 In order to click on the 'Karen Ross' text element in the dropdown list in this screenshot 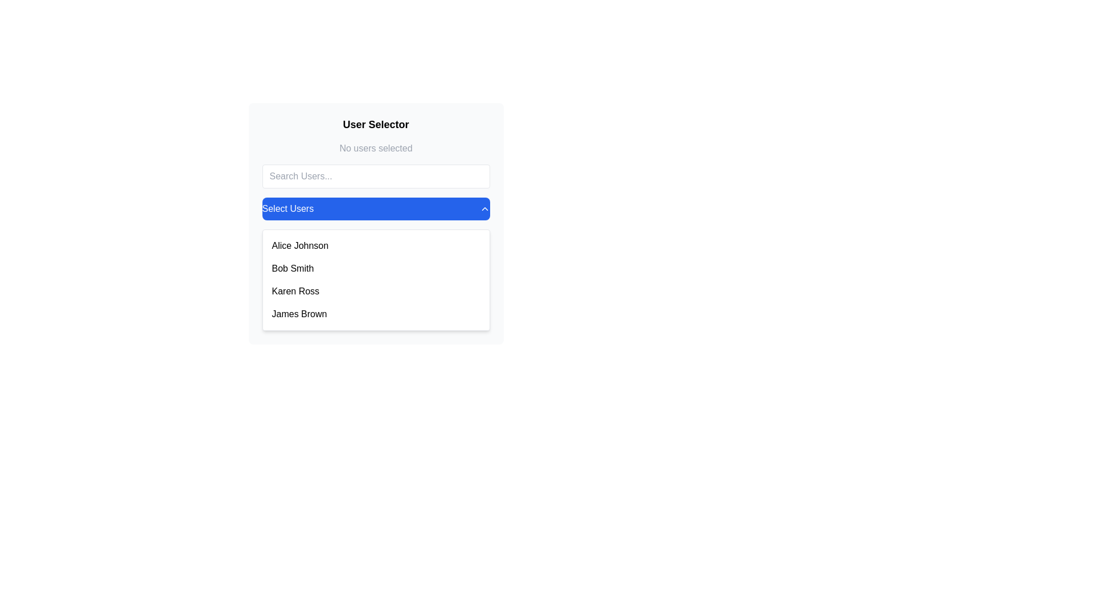, I will do `click(295, 291)`.